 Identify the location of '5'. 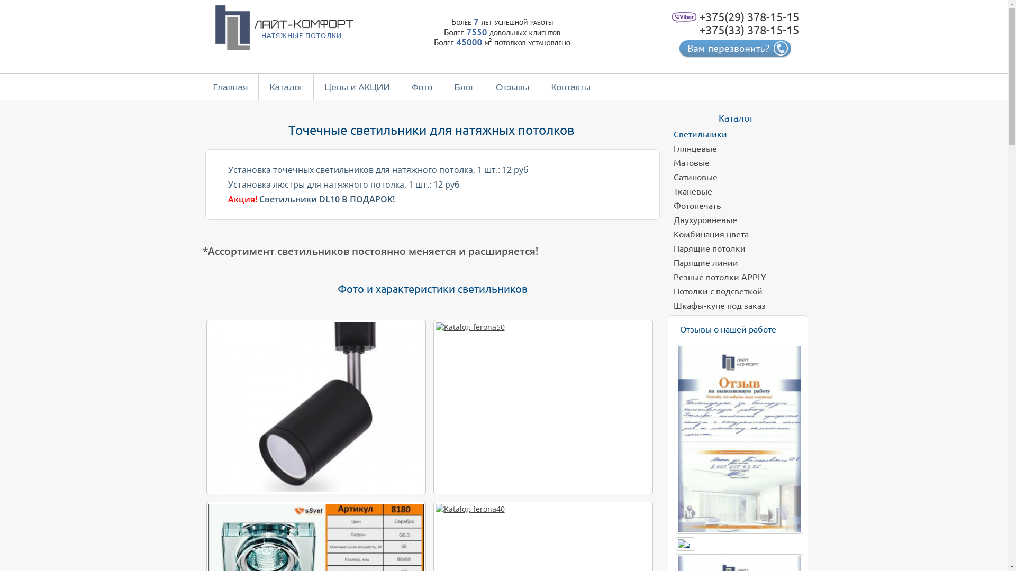
(683, 544).